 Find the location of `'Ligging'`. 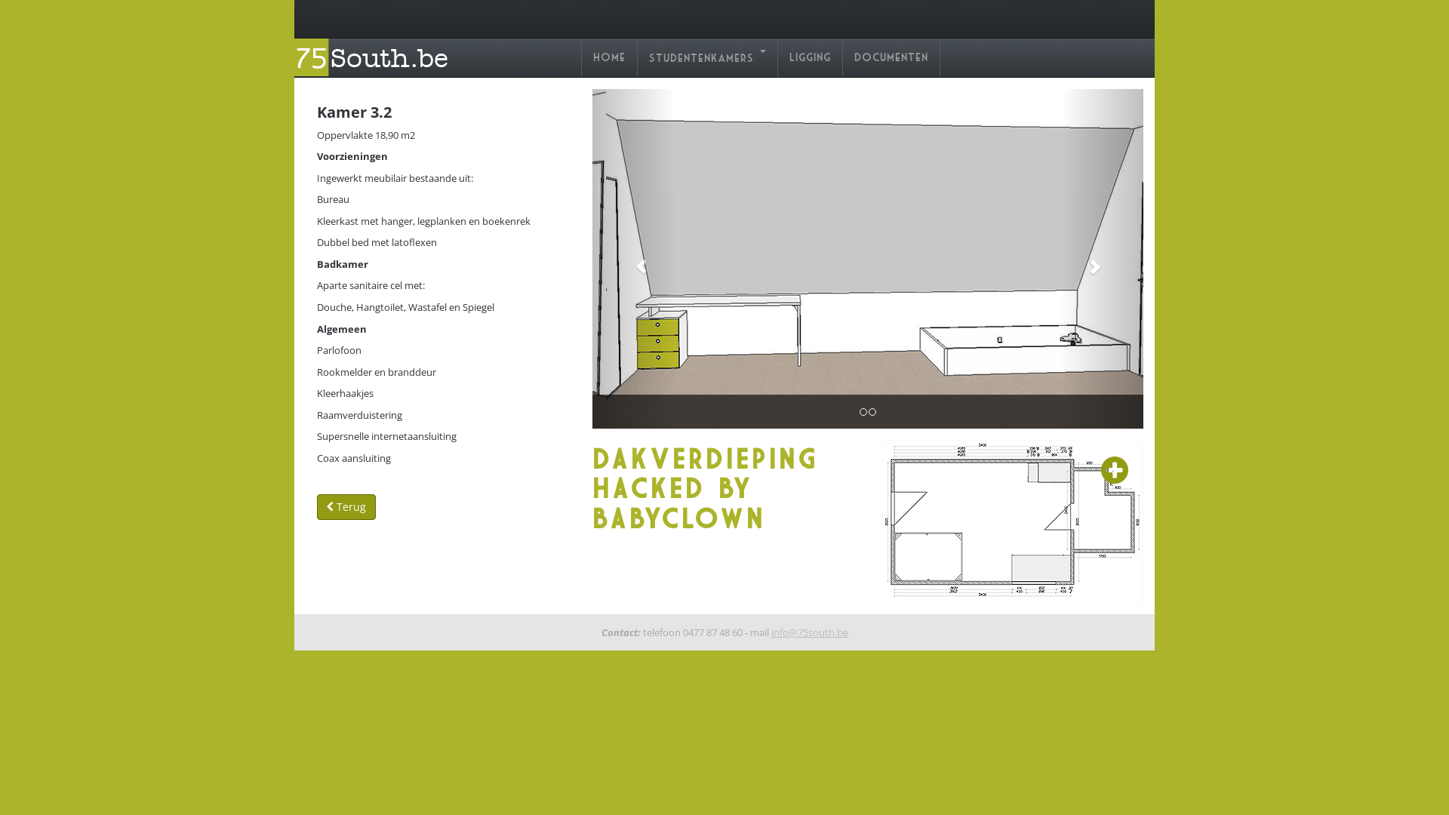

'Ligging' is located at coordinates (778, 57).